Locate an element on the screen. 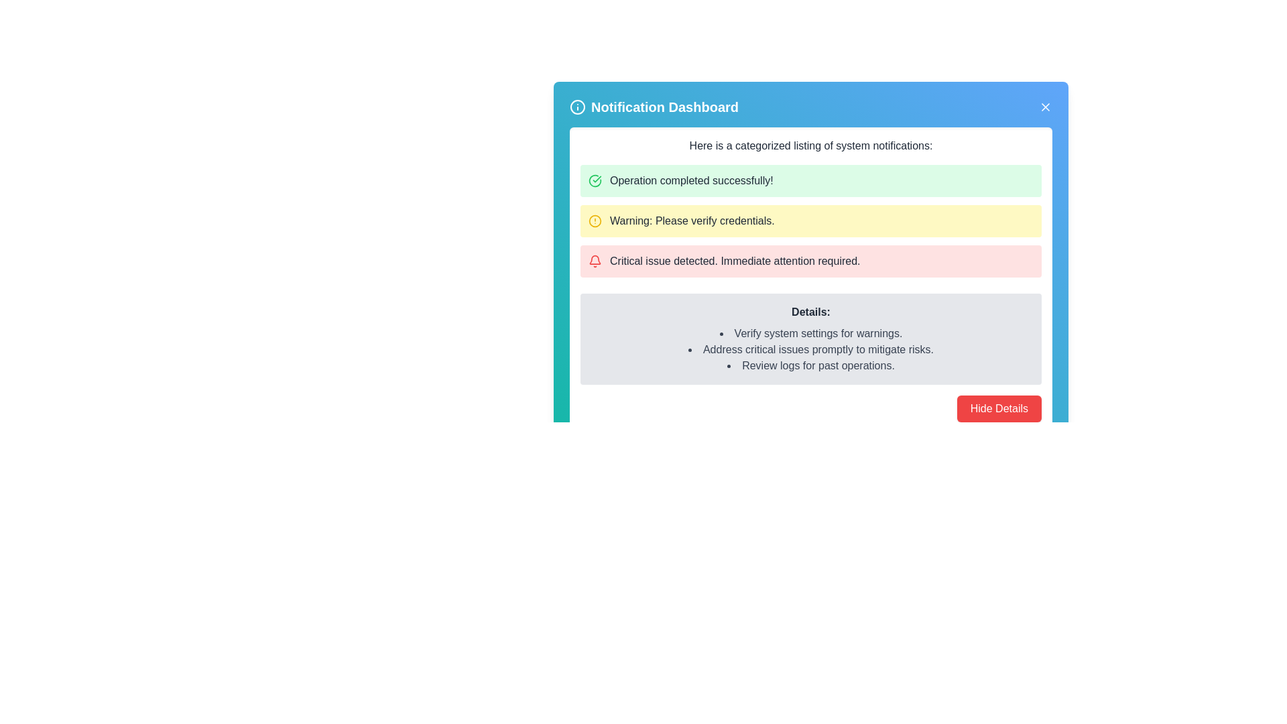 The width and height of the screenshot is (1287, 724). text of the warning notification that displays 'Critical issue detected. Immediate attention required.' which is highlighted in a pink background is located at coordinates (734, 261).